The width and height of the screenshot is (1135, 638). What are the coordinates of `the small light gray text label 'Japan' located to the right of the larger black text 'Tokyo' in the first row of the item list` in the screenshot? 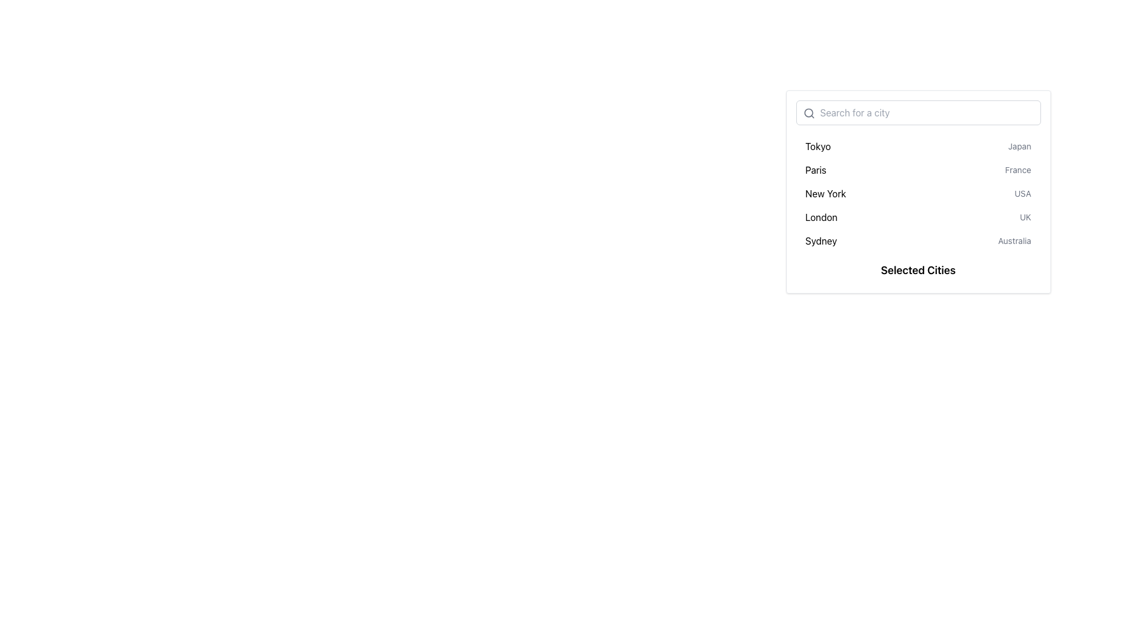 It's located at (1019, 145).